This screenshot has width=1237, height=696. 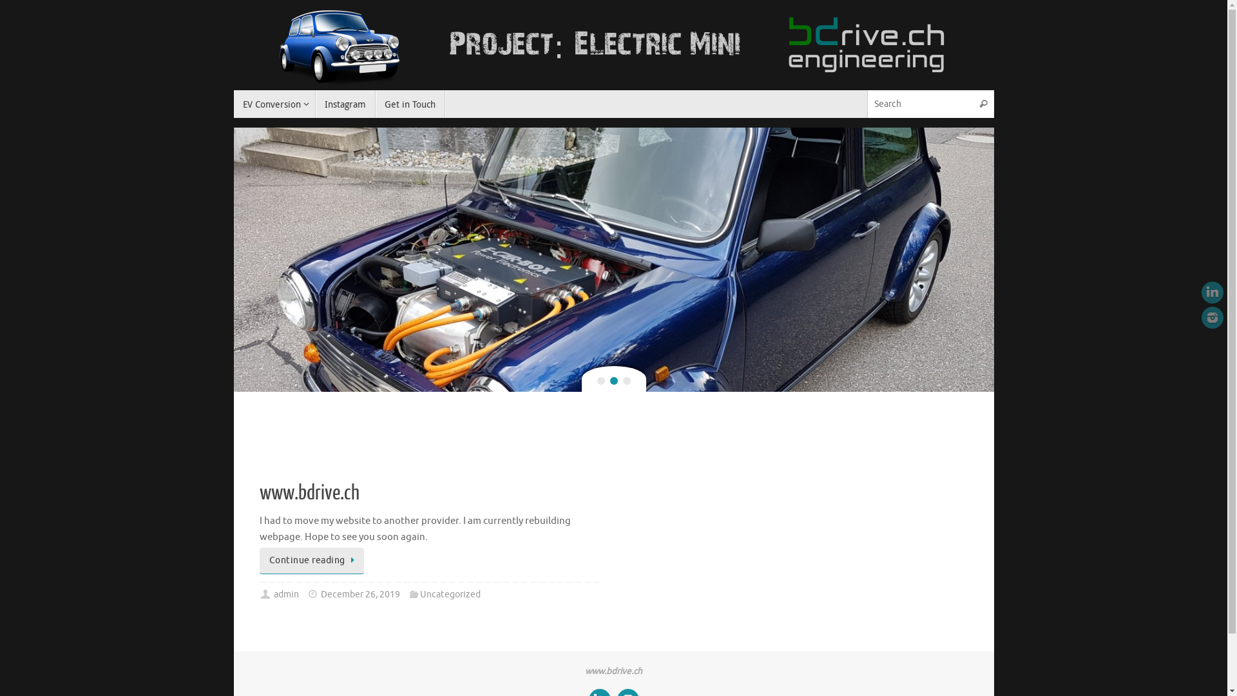 I want to click on 'Instagram', so click(x=315, y=103).